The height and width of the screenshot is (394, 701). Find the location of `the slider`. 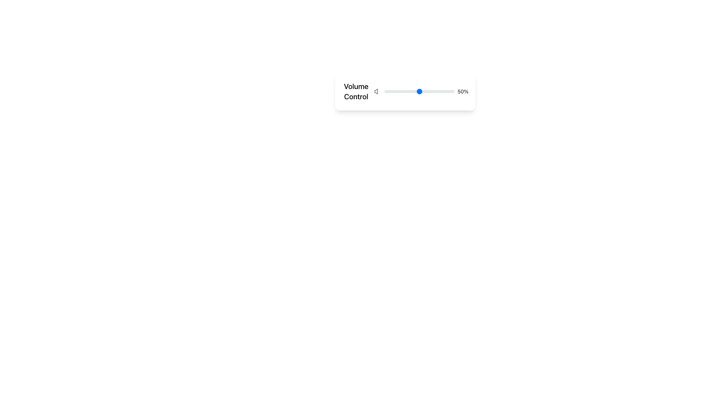

the slider is located at coordinates (390, 91).